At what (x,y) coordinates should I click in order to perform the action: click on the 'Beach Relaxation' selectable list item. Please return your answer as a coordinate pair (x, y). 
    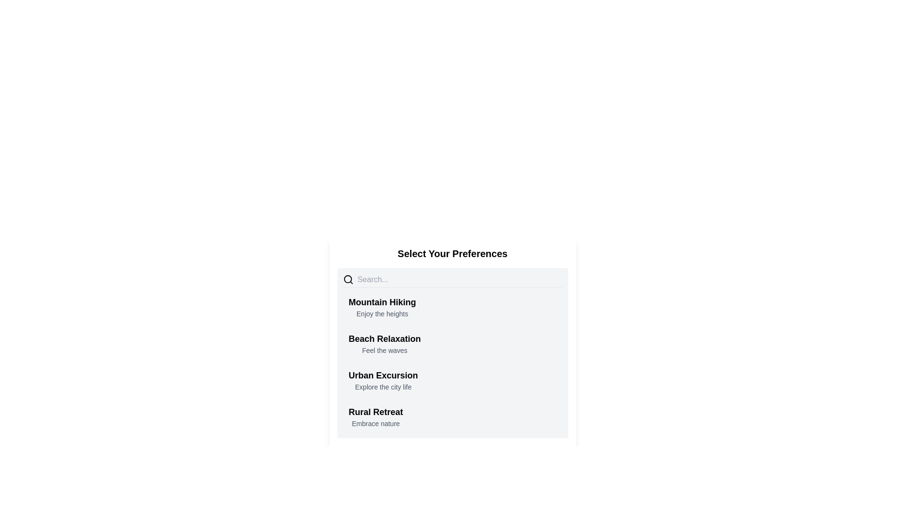
    Looking at the image, I should click on (452, 343).